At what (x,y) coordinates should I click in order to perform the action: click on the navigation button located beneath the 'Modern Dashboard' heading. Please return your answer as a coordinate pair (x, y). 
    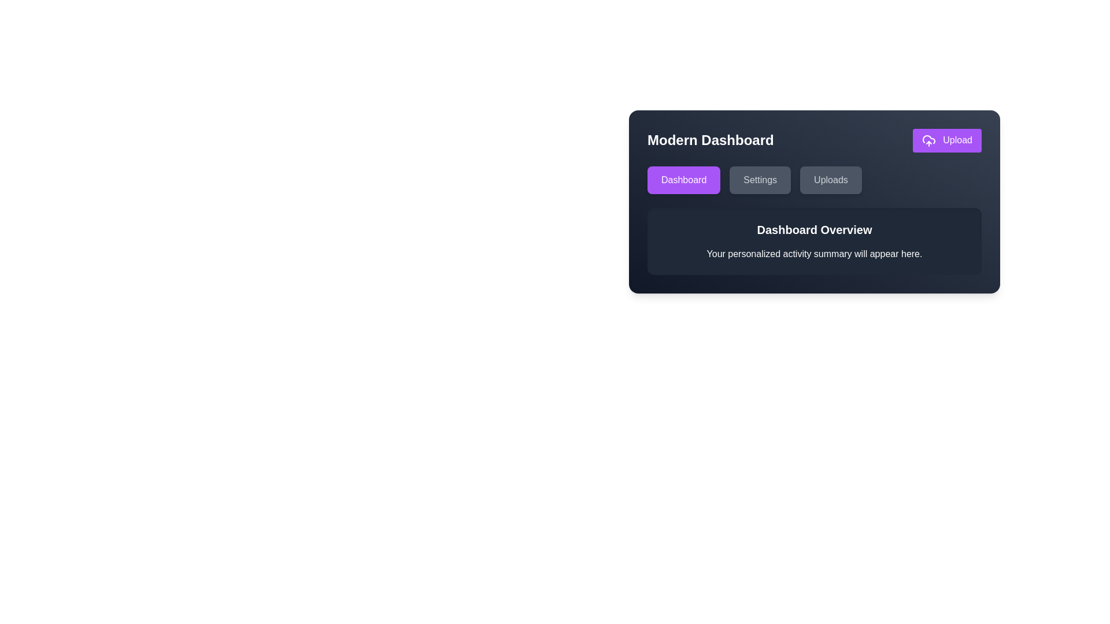
    Looking at the image, I should click on (814, 180).